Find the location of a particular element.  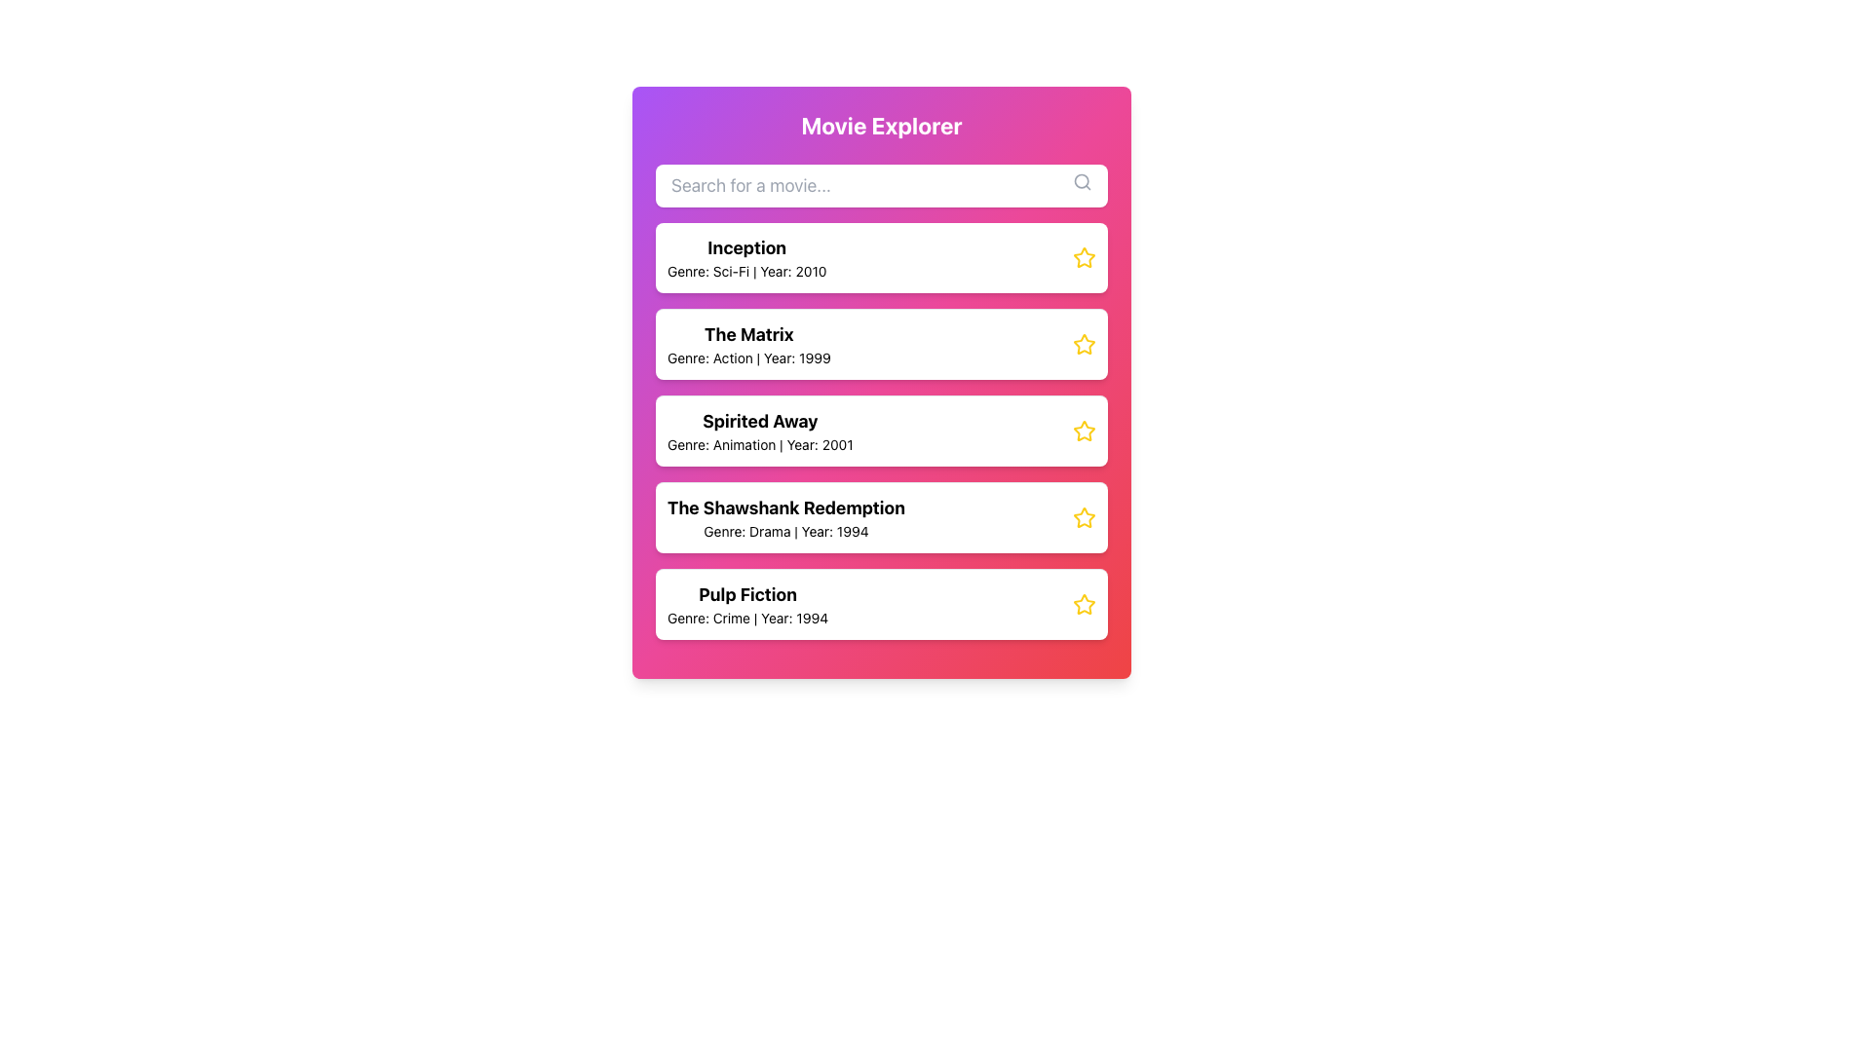

the text display element showing 'The Matrix' with genre and year information, located below 'Inception' and above 'Spirited Away' is located at coordinates (747, 344).